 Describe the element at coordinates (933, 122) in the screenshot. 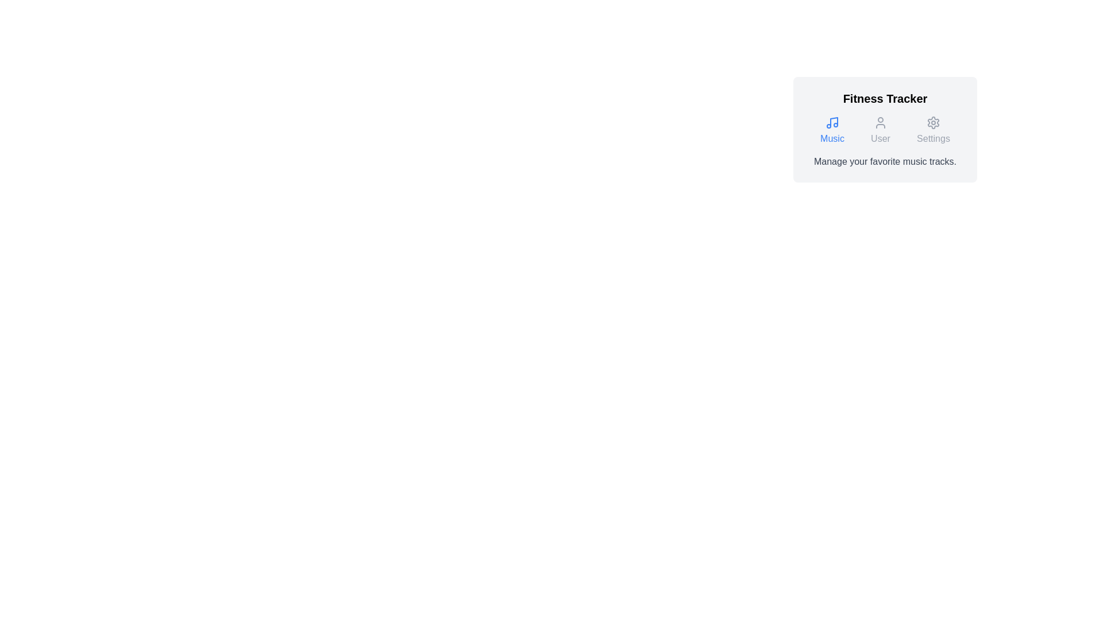

I see `the cogwheel-shaped icon located in the top right of the 'Fitness Tracker' widget` at that location.